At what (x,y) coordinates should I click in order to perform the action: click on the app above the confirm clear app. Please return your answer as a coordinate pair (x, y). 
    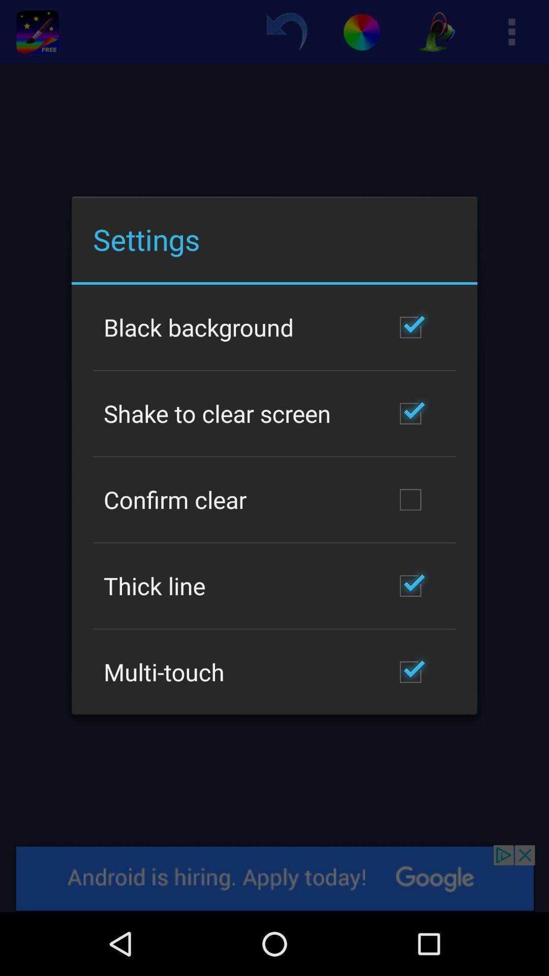
    Looking at the image, I should click on (217, 413).